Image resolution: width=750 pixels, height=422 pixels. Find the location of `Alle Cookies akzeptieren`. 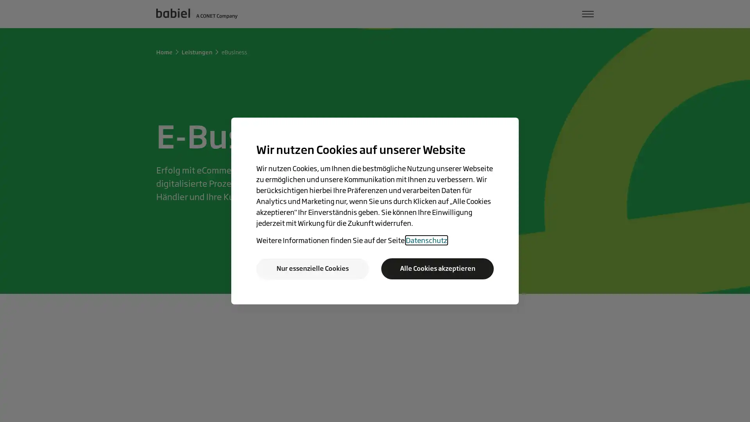

Alle Cookies akzeptieren is located at coordinates (437, 268).